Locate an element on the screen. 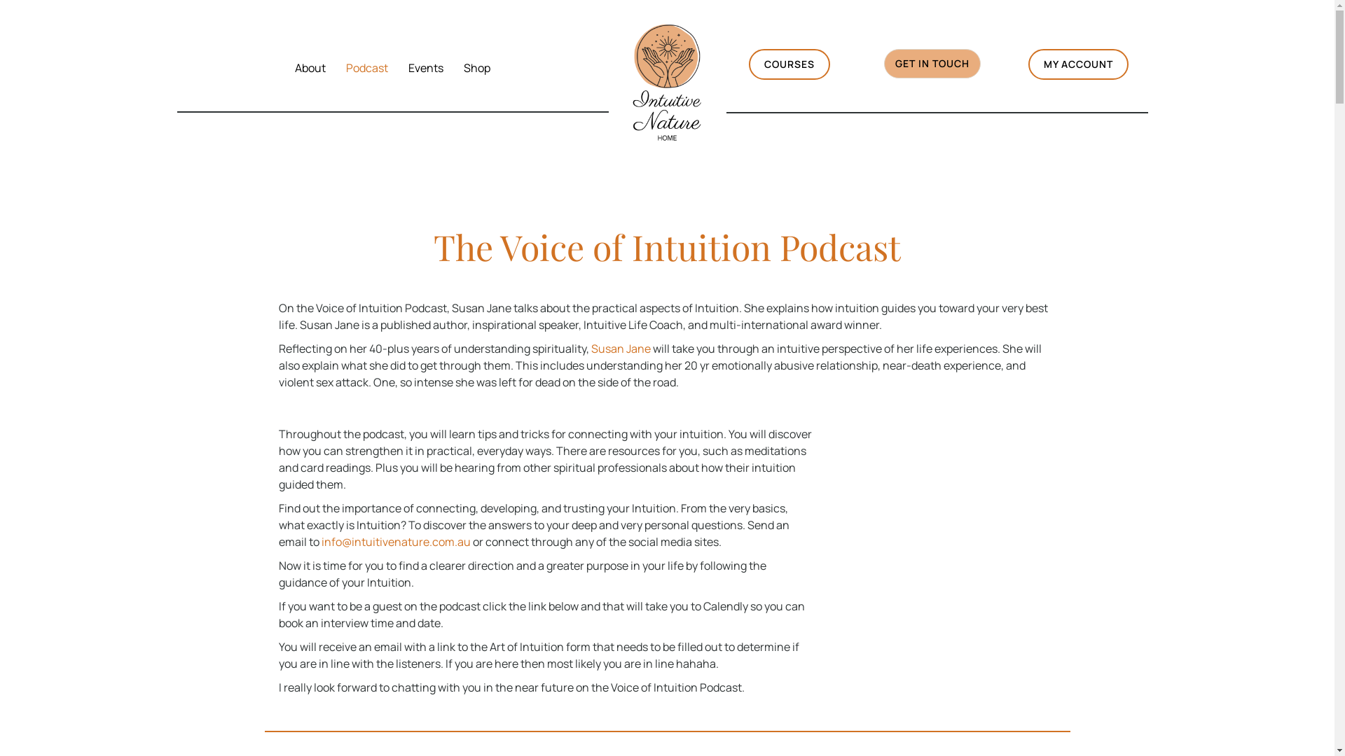  'MY ACCOUNT' is located at coordinates (1028, 64).